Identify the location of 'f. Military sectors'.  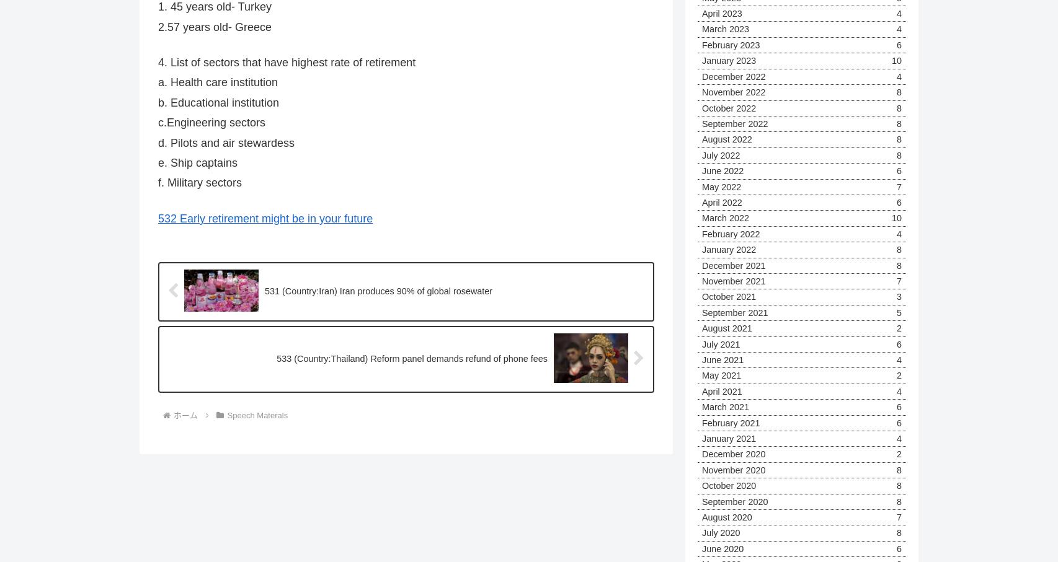
(158, 182).